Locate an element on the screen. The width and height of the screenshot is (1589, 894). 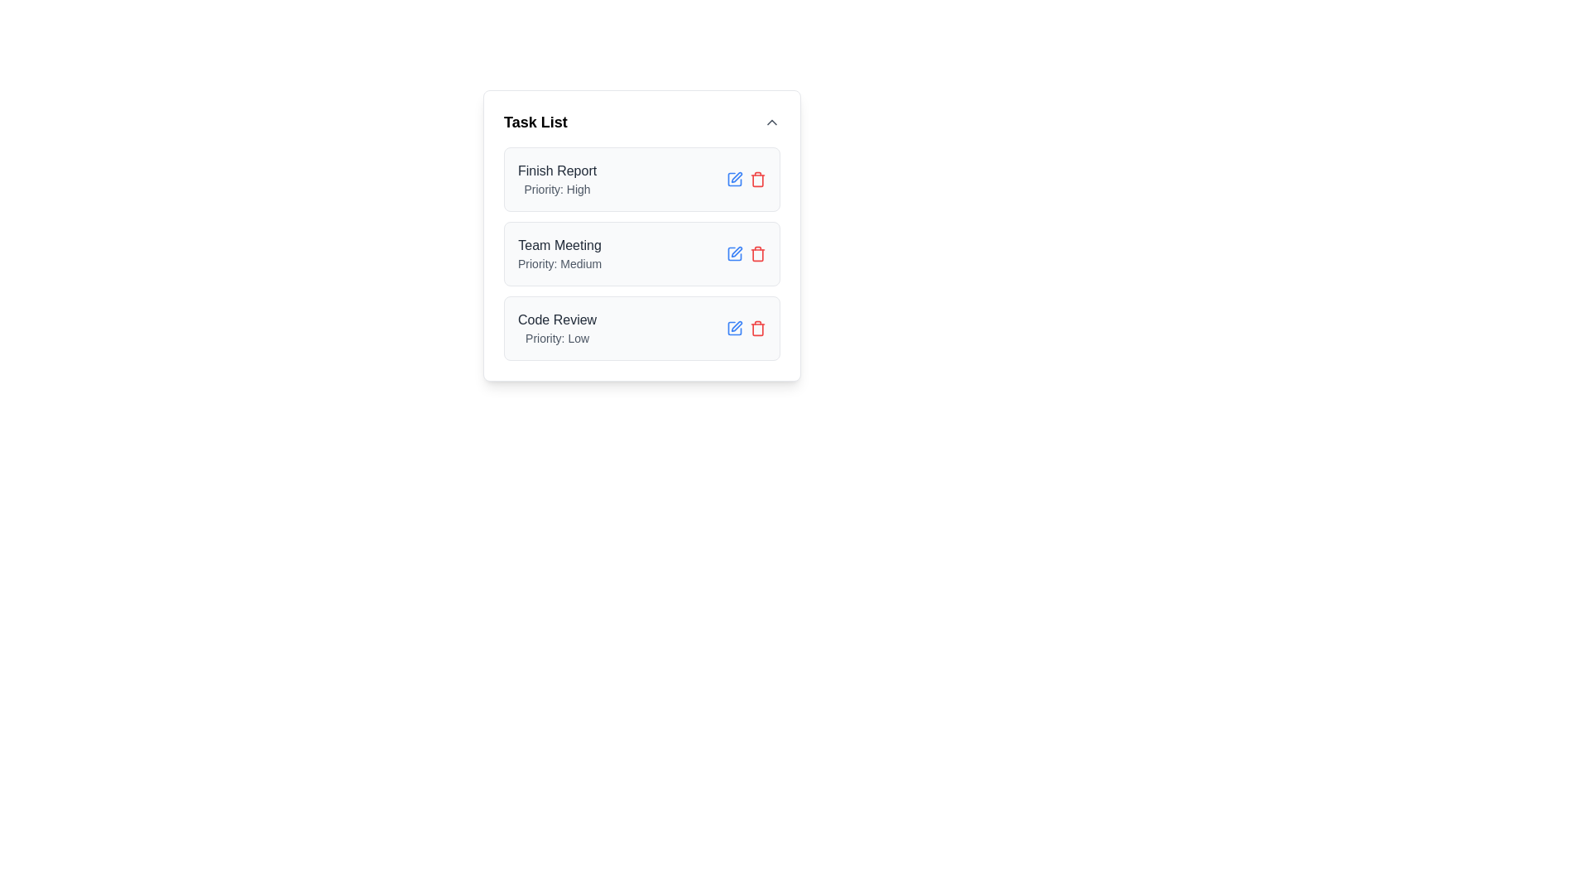
the pen icon indicating the ability to edit or modify the 'Finish Report' task, located in the first row of the task list is located at coordinates (734, 179).